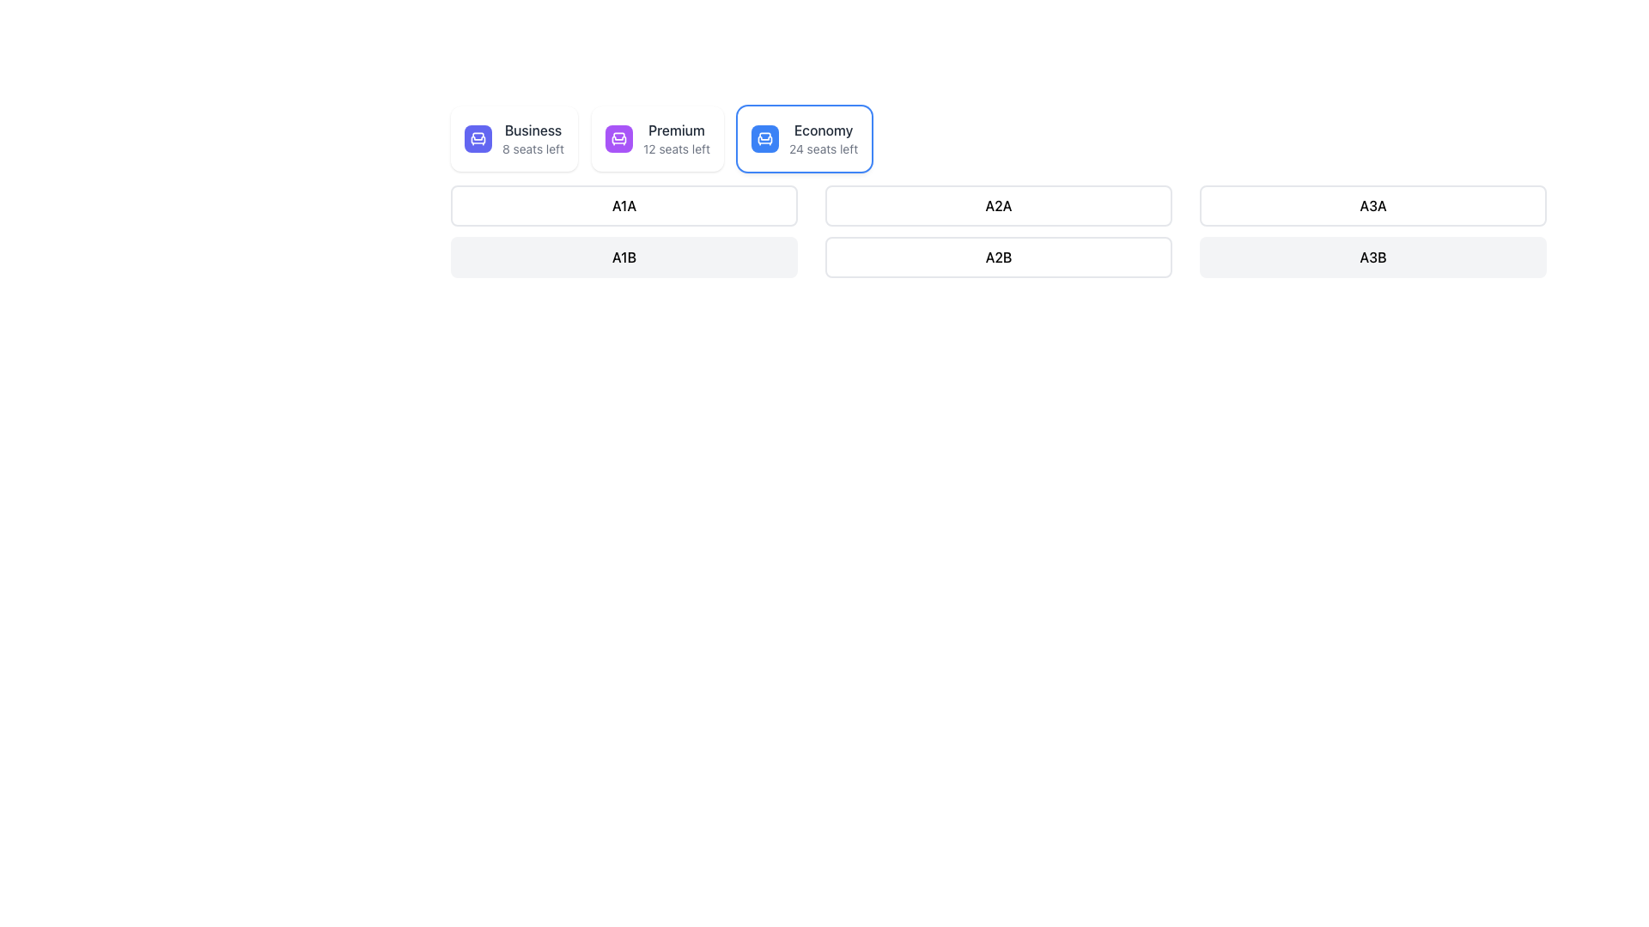 The height and width of the screenshot is (927, 1649). I want to click on the button labeled 'A1B' with a light gray background and rounded edges, positioned below the button 'A1A' in the Economy section, so click(623, 234).